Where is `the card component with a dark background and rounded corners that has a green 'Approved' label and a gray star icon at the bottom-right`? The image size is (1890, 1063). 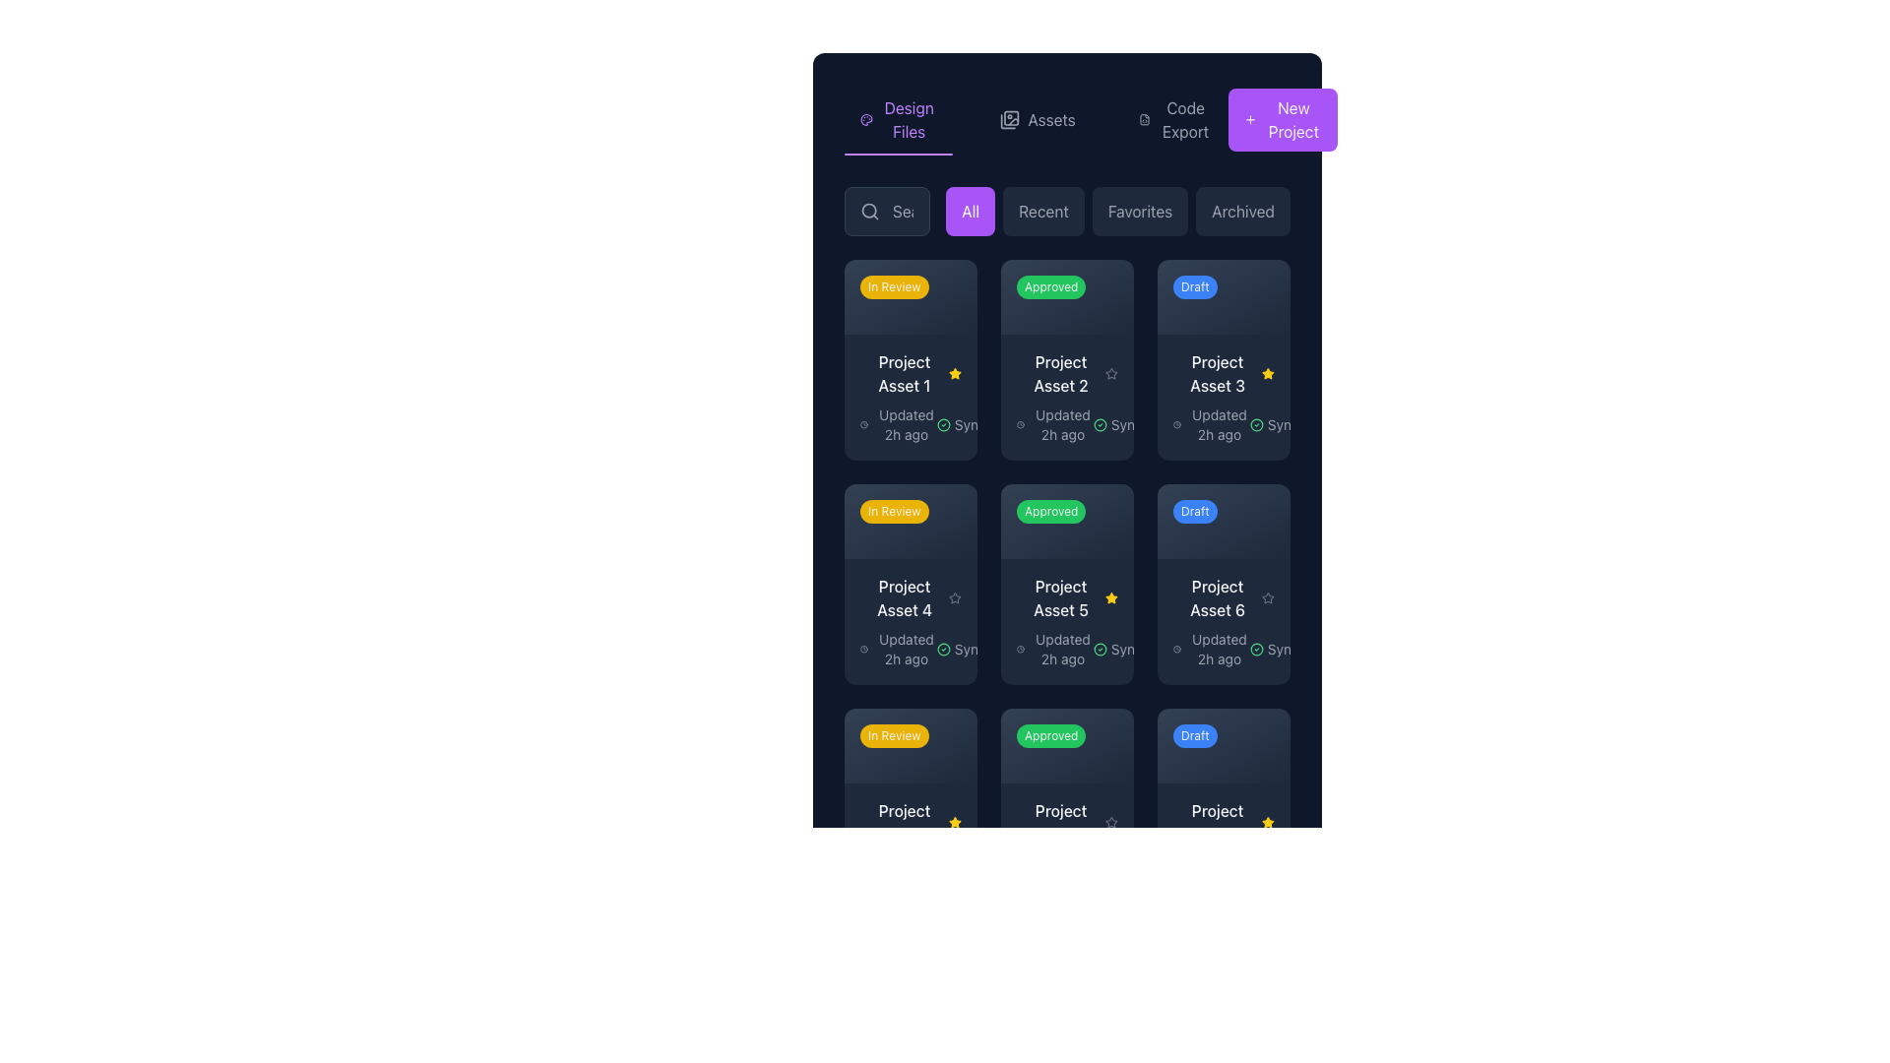
the card component with a dark background and rounded corners that has a green 'Approved' label and a gray star icon at the bottom-right is located at coordinates (1066, 808).